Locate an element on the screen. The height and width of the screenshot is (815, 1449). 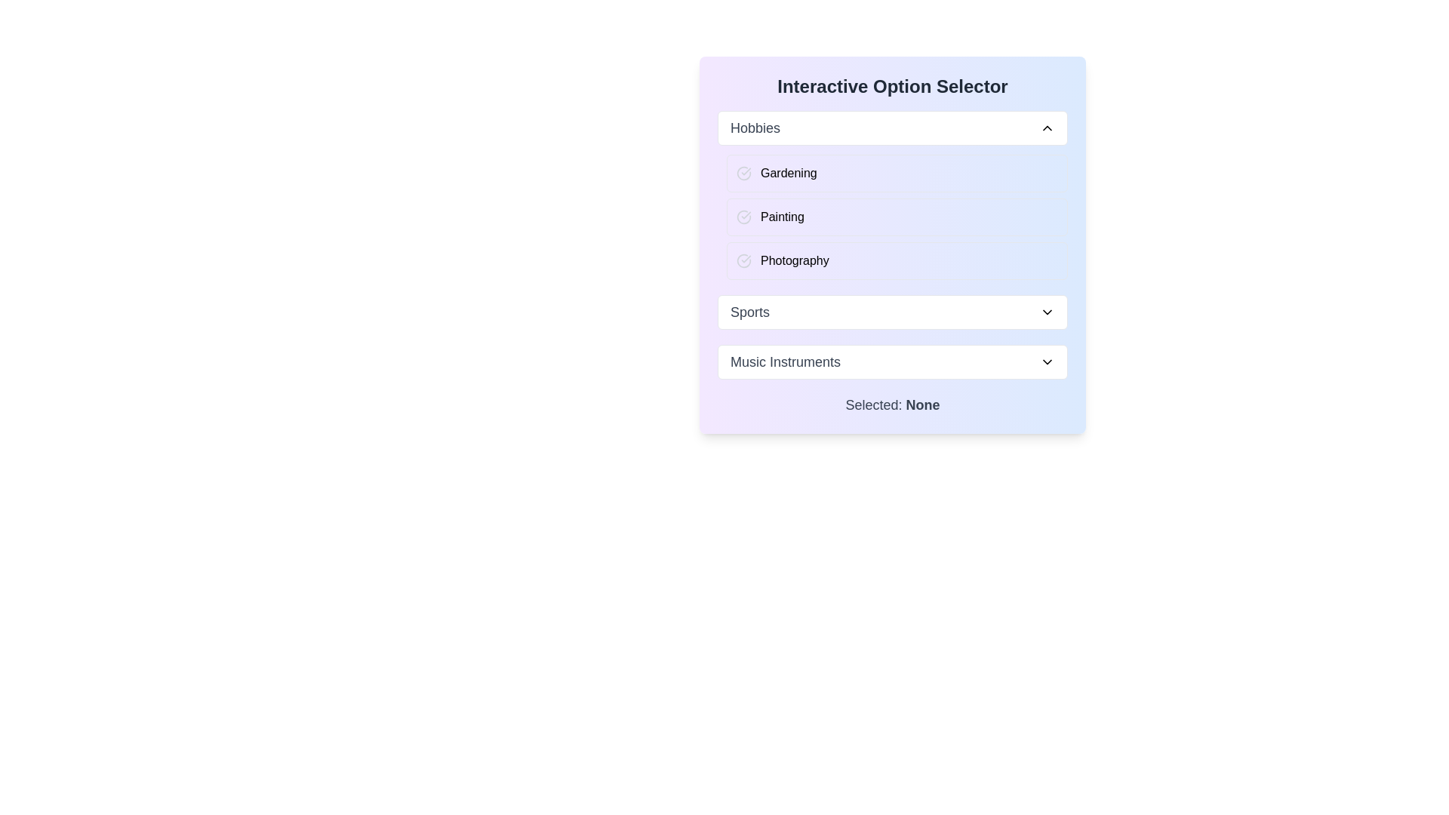
the text label displaying 'Music Instruments' in the 'Sports' dropdown list of the Interactive Option Selector is located at coordinates (785, 361).